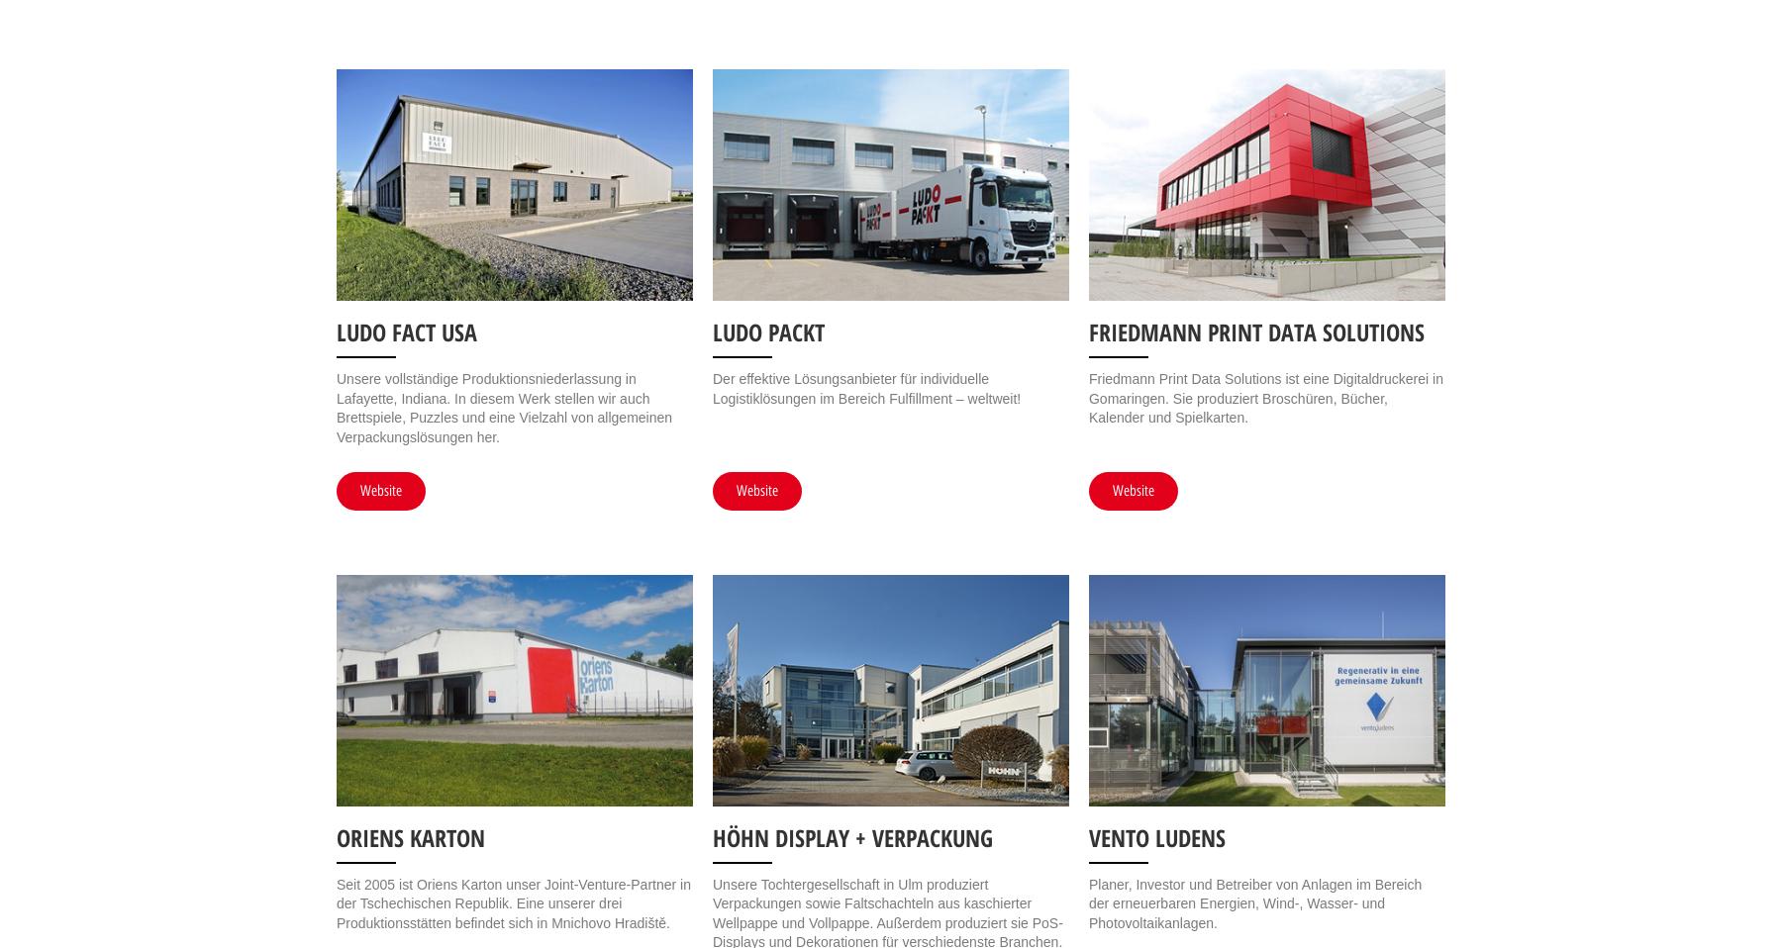 This screenshot has height=948, width=1782. What do you see at coordinates (1255, 330) in the screenshot?
I see `'FRIEDMANN PRINT DATA SOLUTIONS'` at bounding box center [1255, 330].